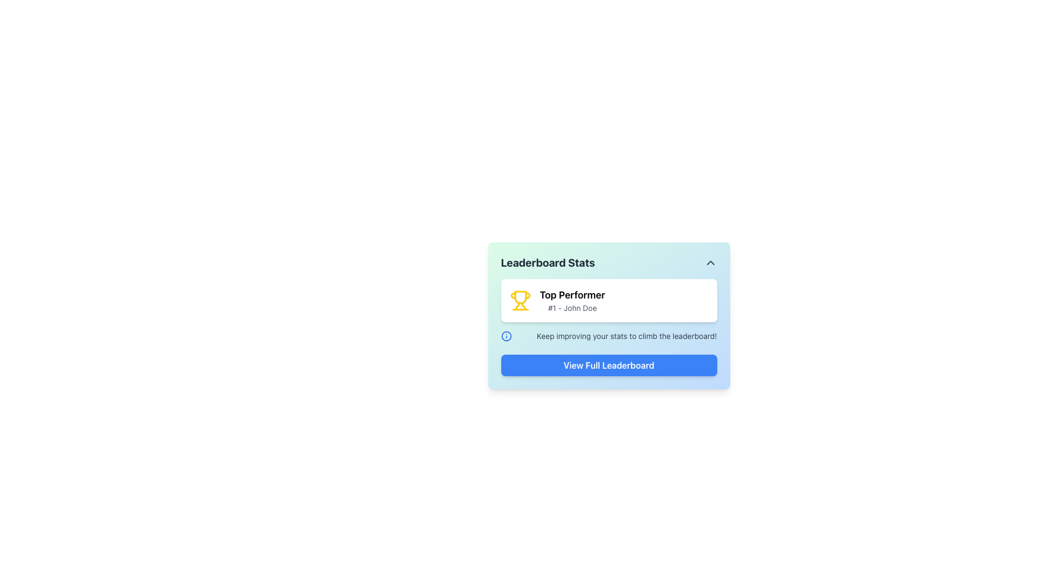 Image resolution: width=1037 pixels, height=583 pixels. What do you see at coordinates (627, 336) in the screenshot?
I see `the motivational text element located in the leaderboard display panel, positioned to the right of the blue information icon and near the 'View Full Leaderboard' button` at bounding box center [627, 336].